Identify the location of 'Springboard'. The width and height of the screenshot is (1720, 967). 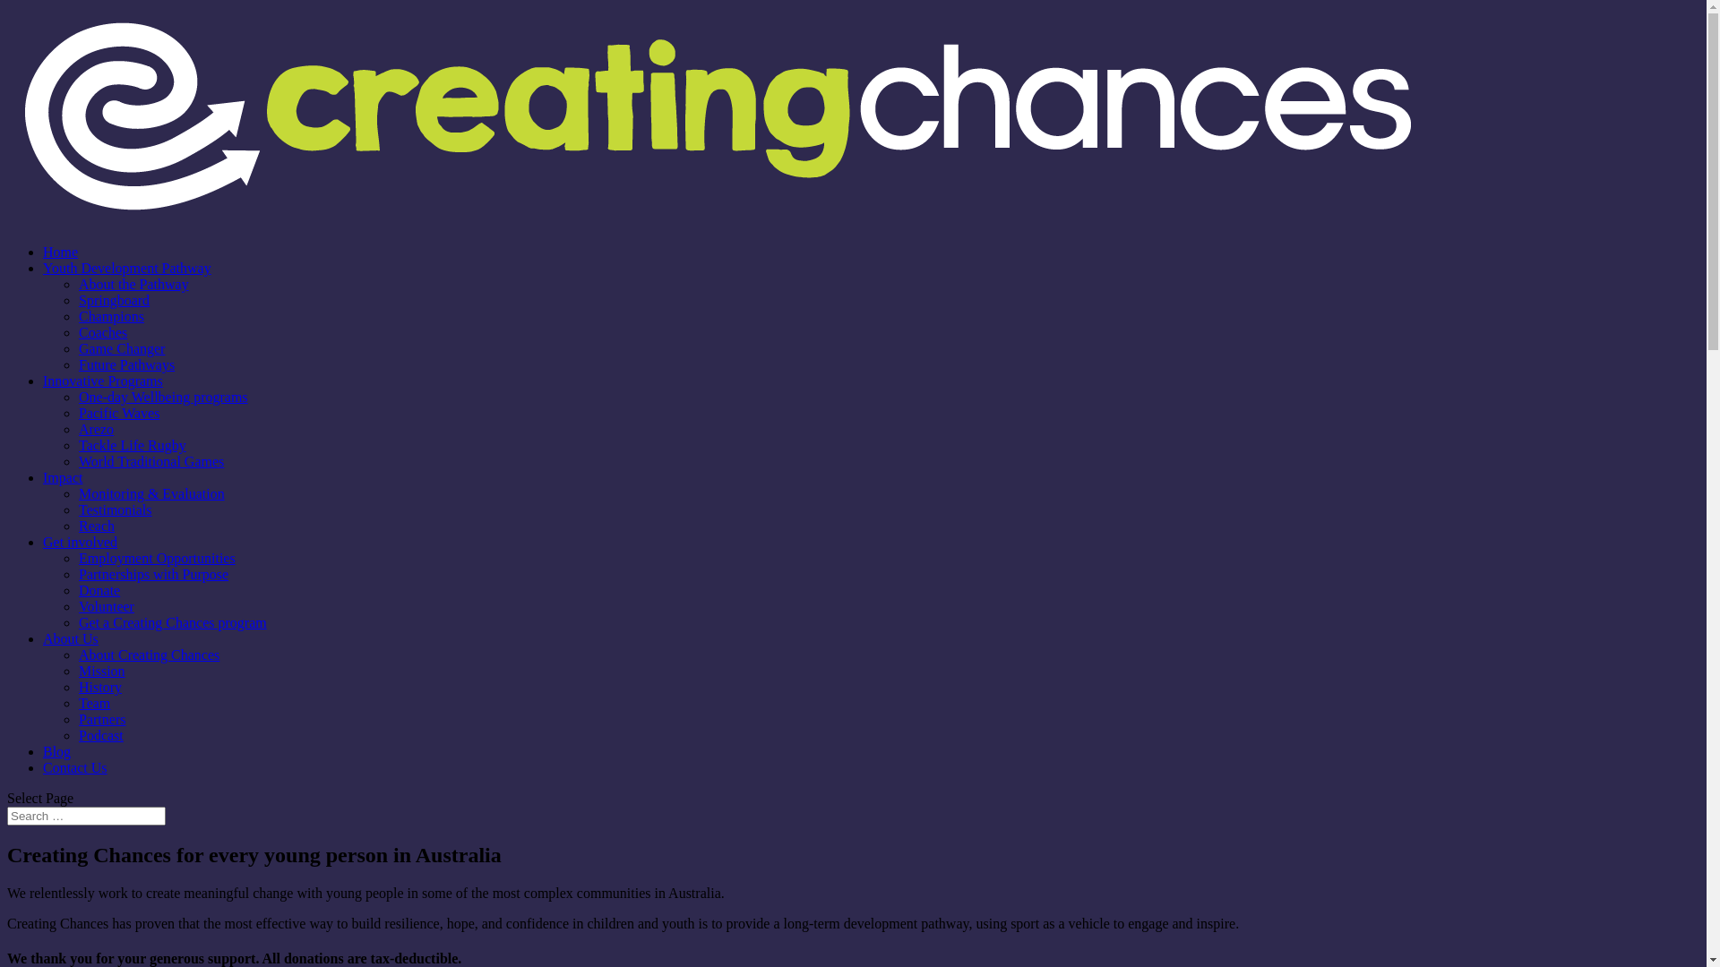
(113, 299).